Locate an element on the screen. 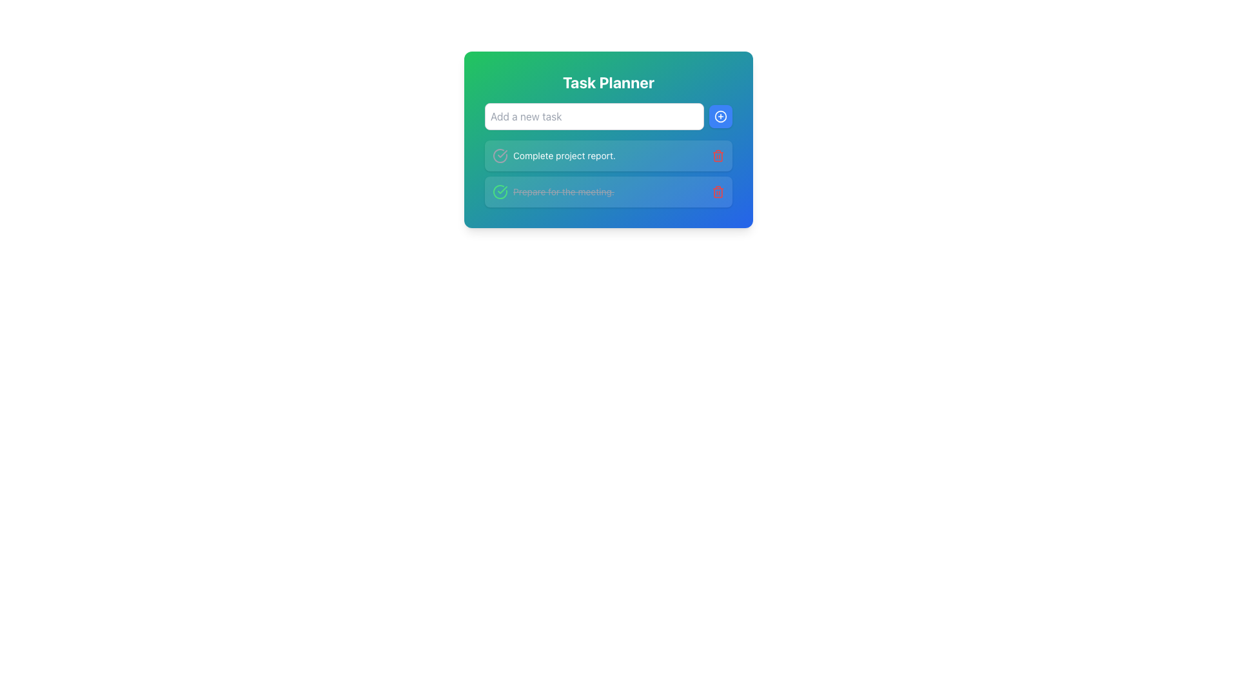 The height and width of the screenshot is (696, 1238). the checkmark indicator icon is located at coordinates (500, 191).